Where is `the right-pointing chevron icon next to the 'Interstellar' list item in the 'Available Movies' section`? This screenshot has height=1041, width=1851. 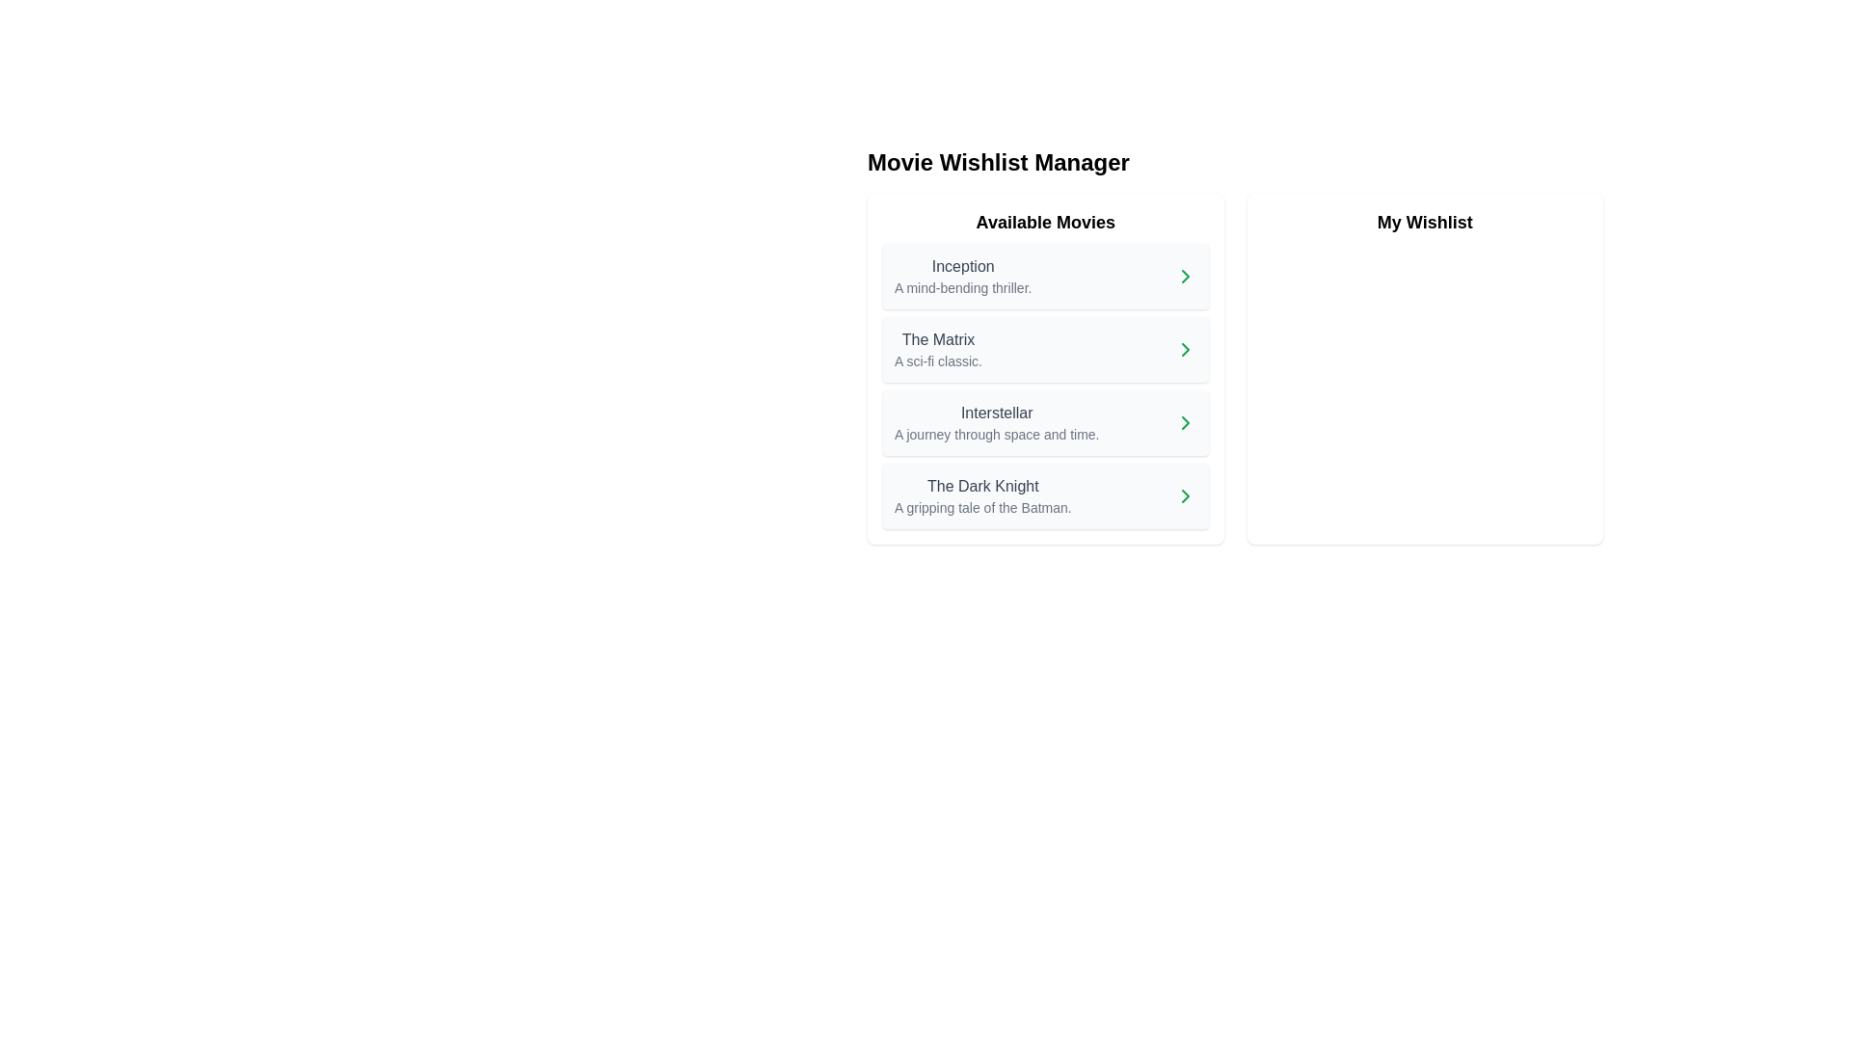
the right-pointing chevron icon next to the 'Interstellar' list item in the 'Available Movies' section is located at coordinates (1184, 422).